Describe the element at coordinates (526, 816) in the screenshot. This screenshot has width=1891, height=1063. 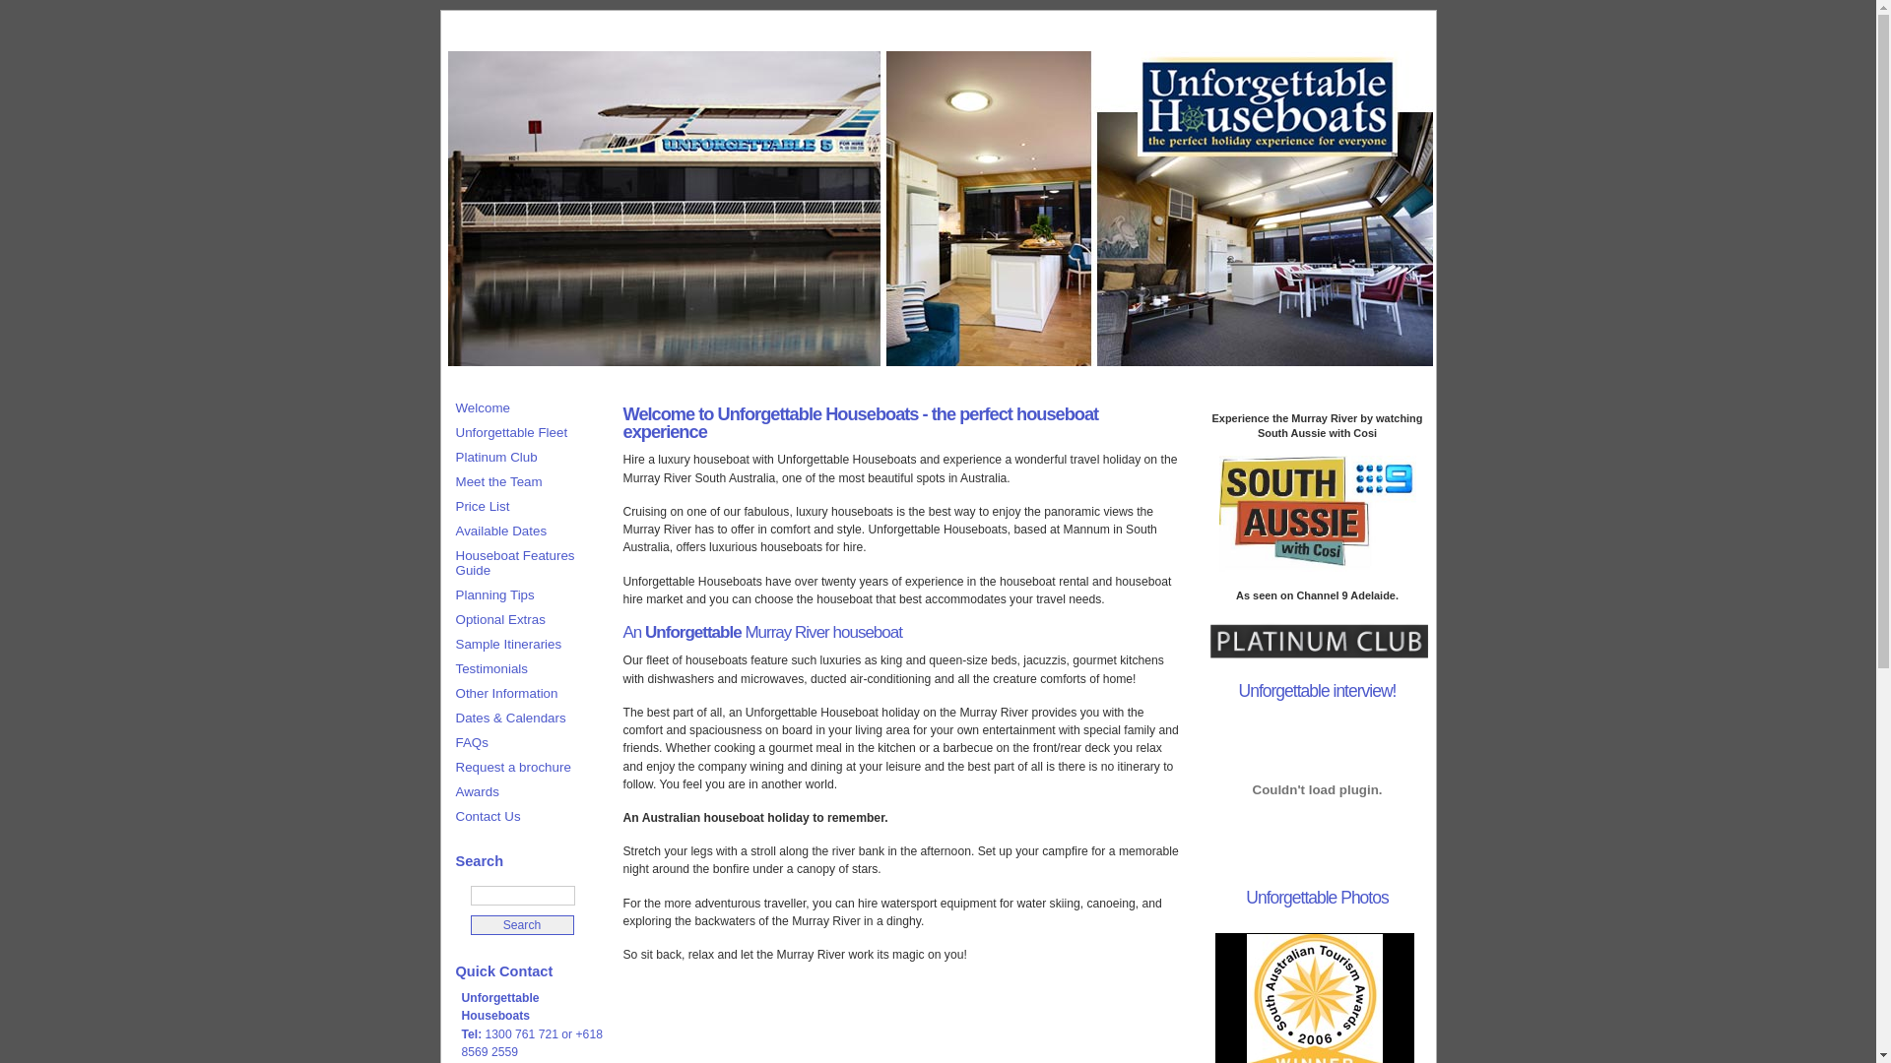
I see `'Contact Us'` at that location.